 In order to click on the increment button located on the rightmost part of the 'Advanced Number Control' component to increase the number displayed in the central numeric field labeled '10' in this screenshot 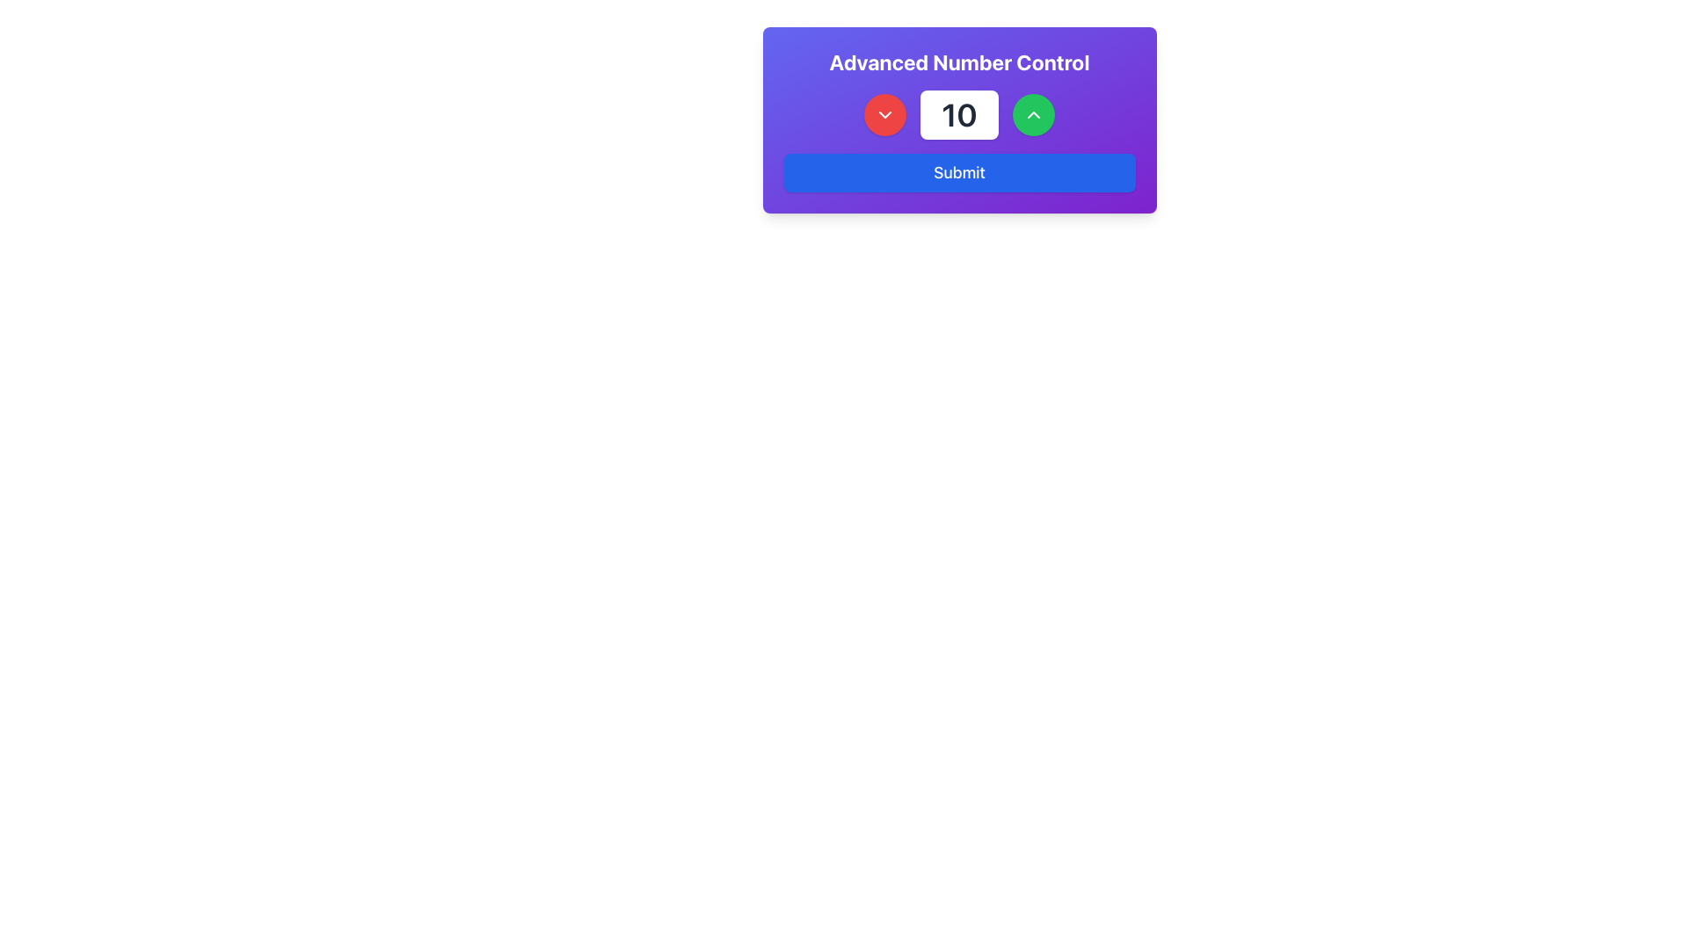, I will do `click(1033, 115)`.